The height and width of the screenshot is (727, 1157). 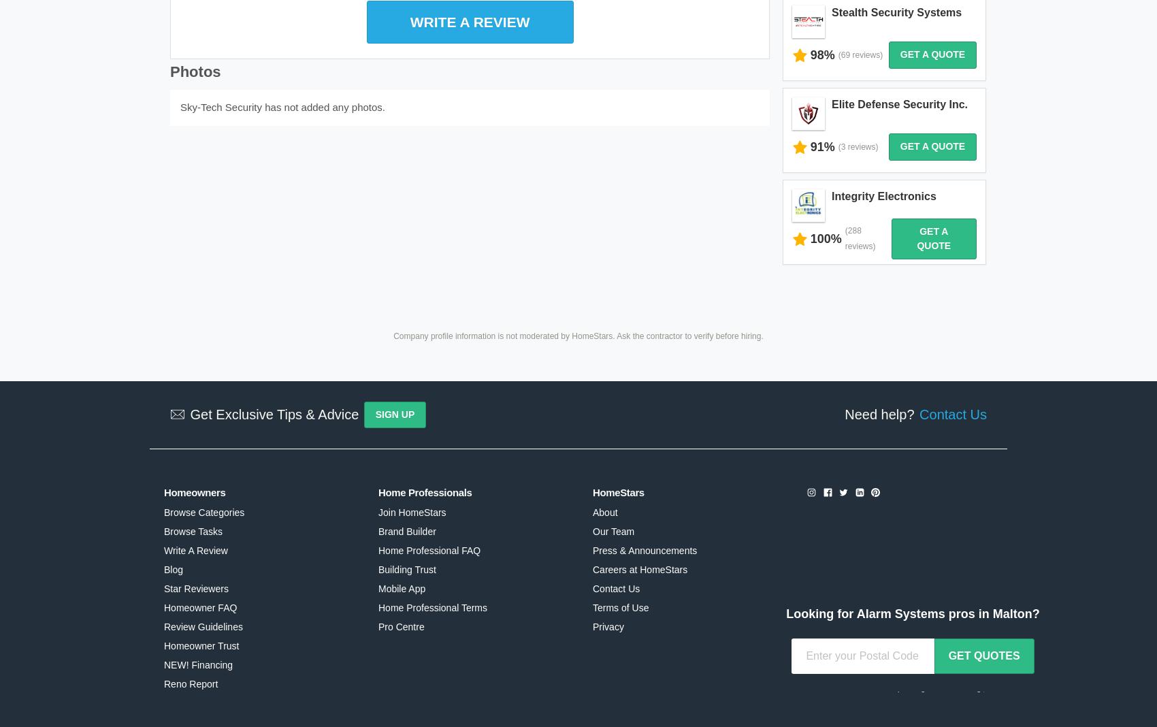 What do you see at coordinates (593, 568) in the screenshot?
I see `'Privacy'` at bounding box center [593, 568].